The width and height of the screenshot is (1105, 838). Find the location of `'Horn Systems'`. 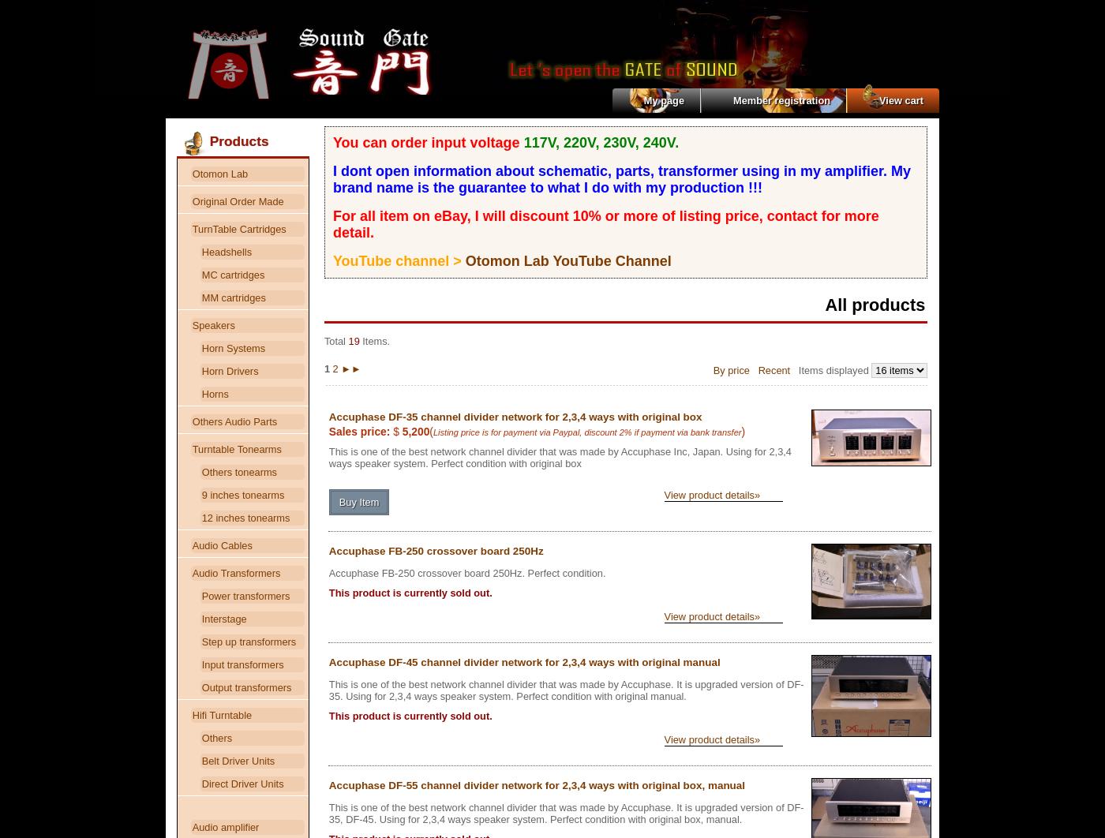

'Horn Systems' is located at coordinates (200, 347).